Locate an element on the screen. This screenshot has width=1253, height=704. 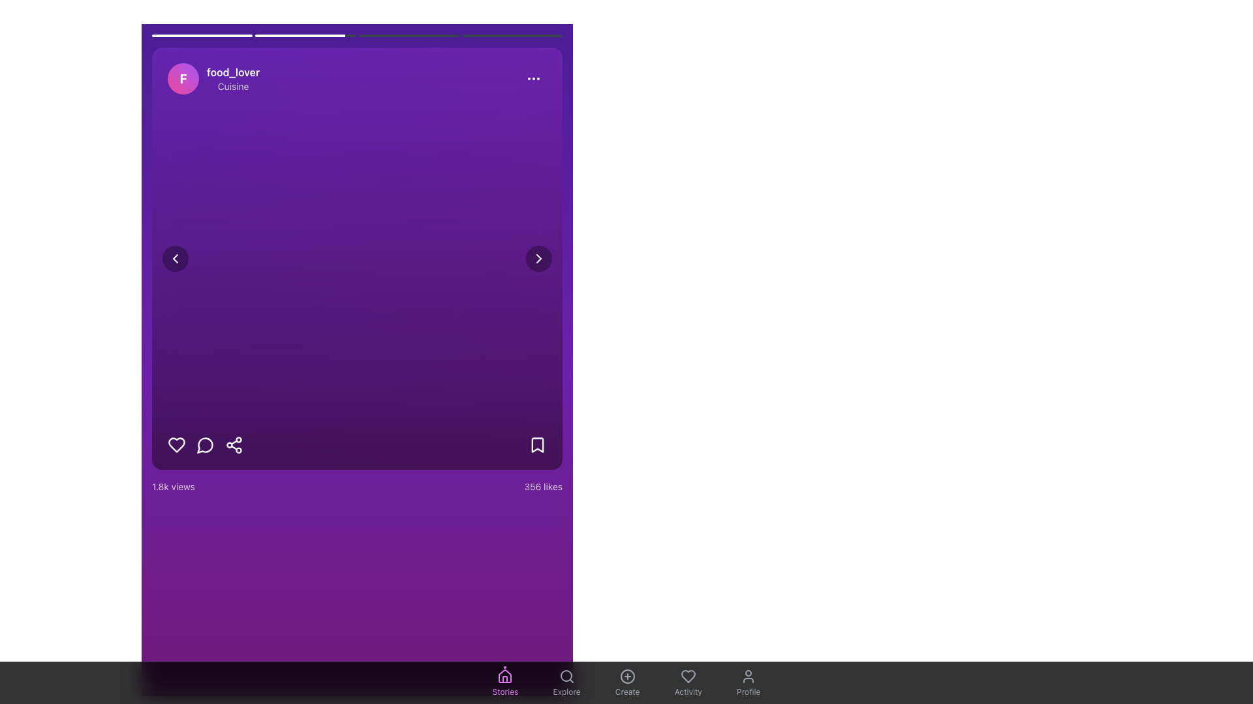
the heart-shaped like button, which is outlined in white and located on a purple background, to like the content is located at coordinates (176, 444).